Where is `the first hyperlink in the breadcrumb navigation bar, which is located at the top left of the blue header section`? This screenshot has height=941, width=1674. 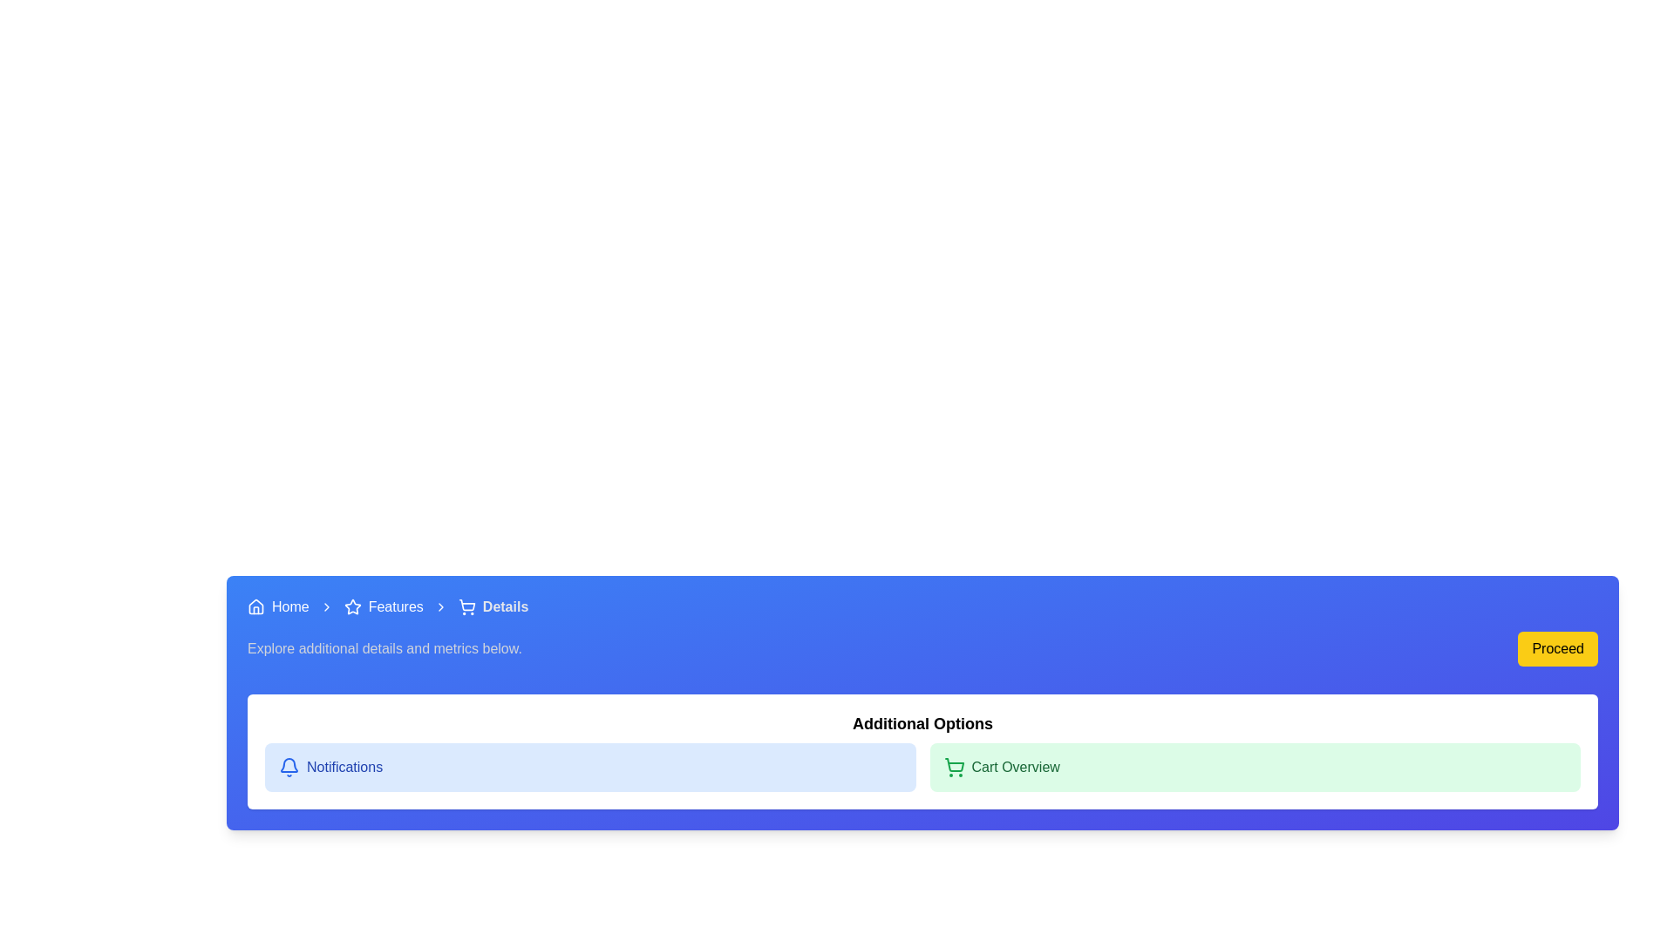
the first hyperlink in the breadcrumb navigation bar, which is located at the top left of the blue header section is located at coordinates (277, 606).